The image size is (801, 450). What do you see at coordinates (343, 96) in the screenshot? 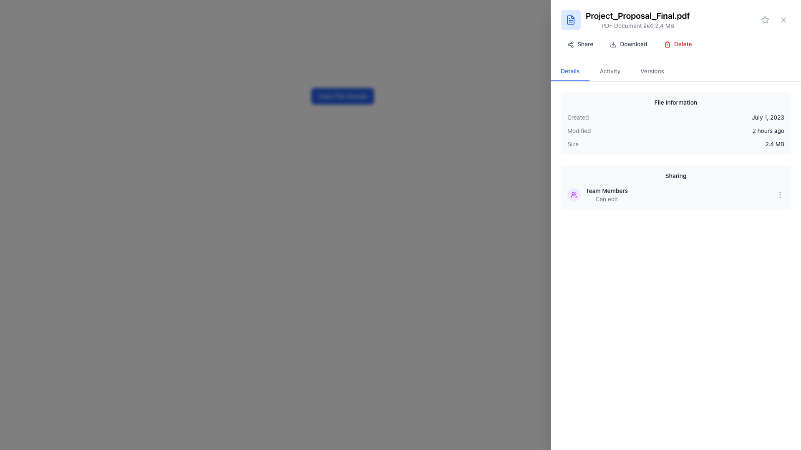
I see `the button labeled 'View File Details' with a blue background to initiate the file detail view` at bounding box center [343, 96].